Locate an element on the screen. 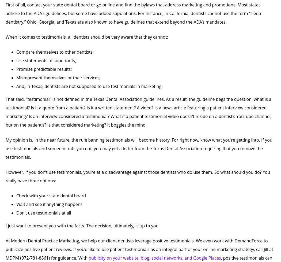 The width and height of the screenshot is (281, 262). 'When it comes to testimonials, all dentists should be very aware that they cannot:' is located at coordinates (87, 37).